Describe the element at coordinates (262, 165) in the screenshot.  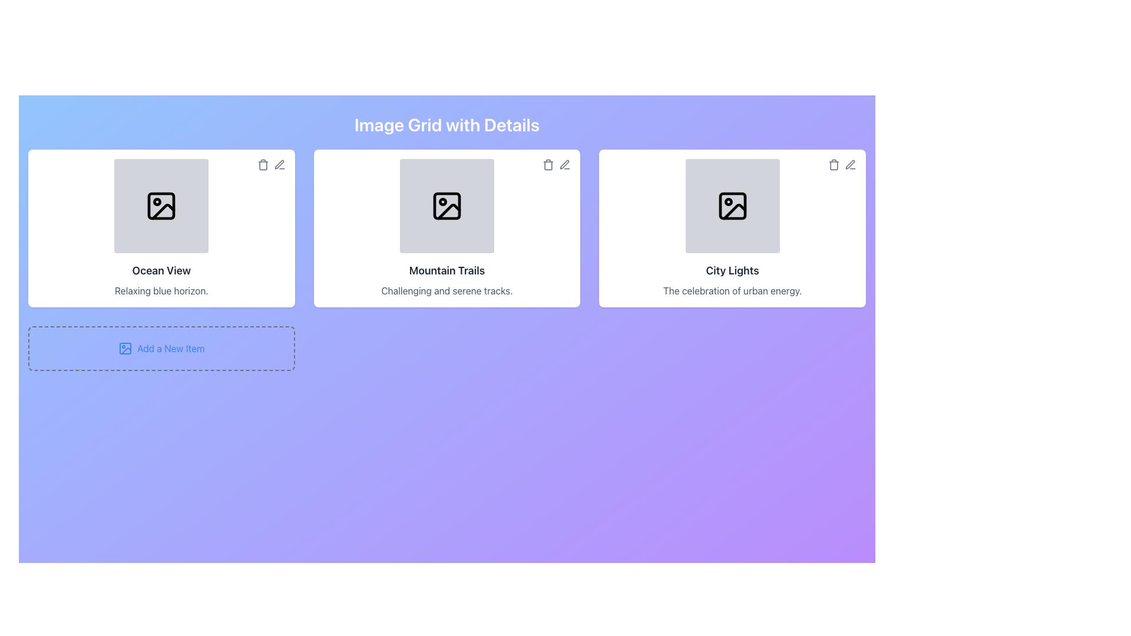
I see `the delete icon button located in the upper-right corner of the 'Ocean View' card` at that location.